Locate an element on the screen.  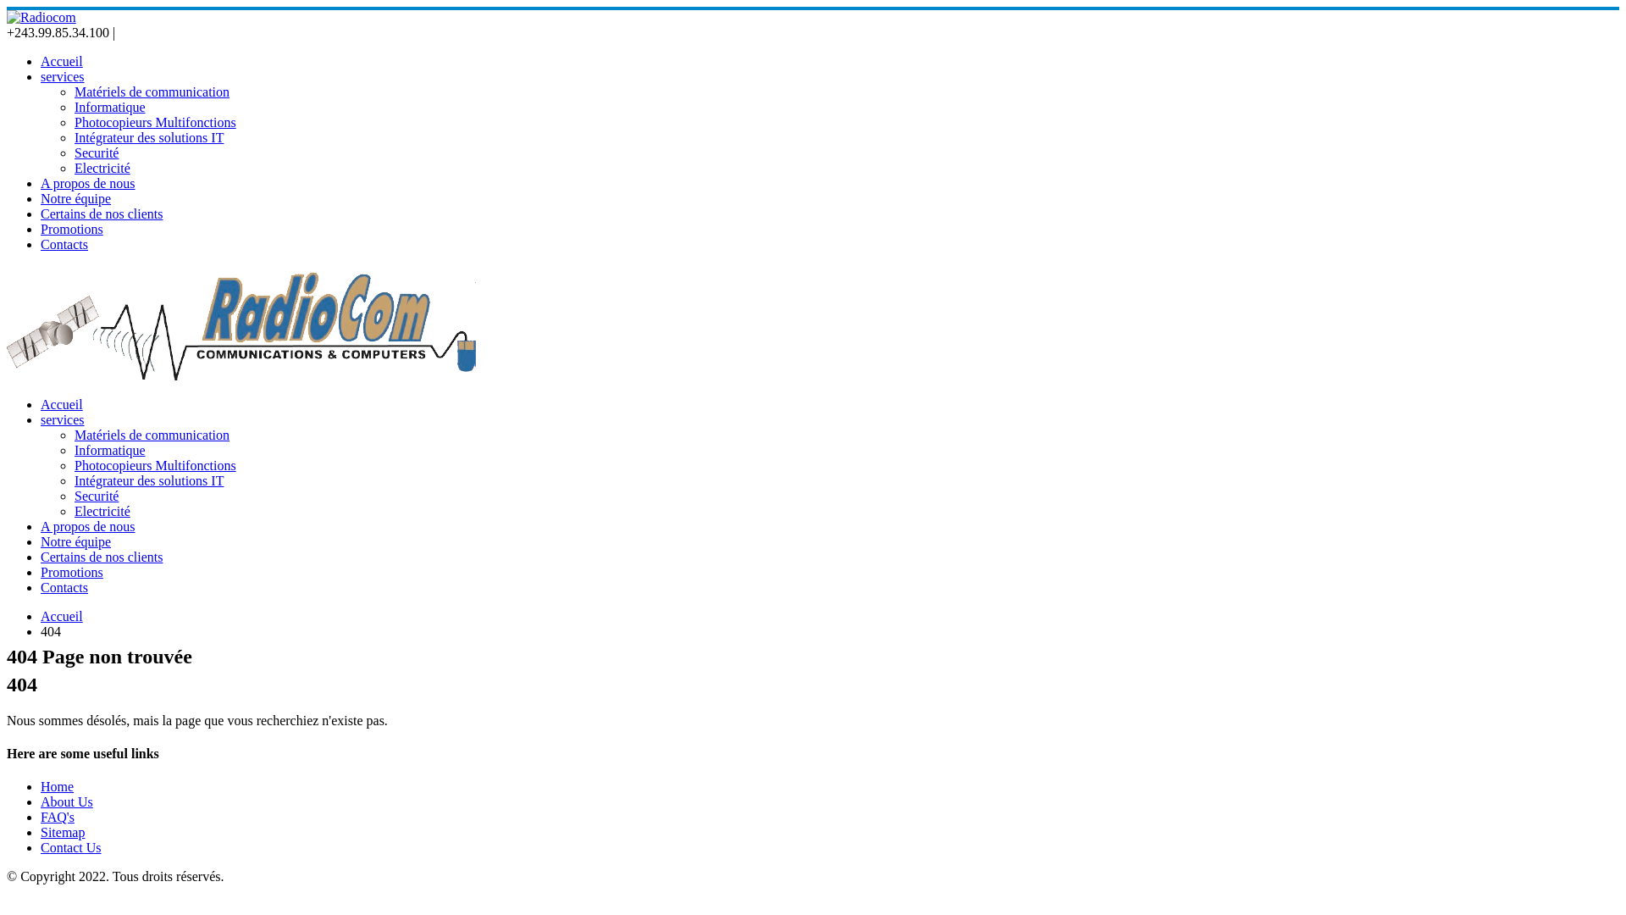
'About Us' is located at coordinates (66, 801).